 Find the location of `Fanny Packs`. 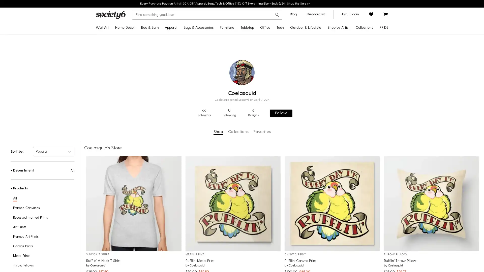

Fanny Packs is located at coordinates (202, 81).